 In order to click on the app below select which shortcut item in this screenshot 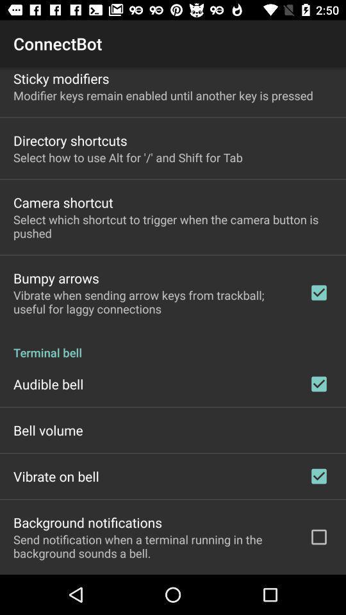, I will do `click(55, 278)`.